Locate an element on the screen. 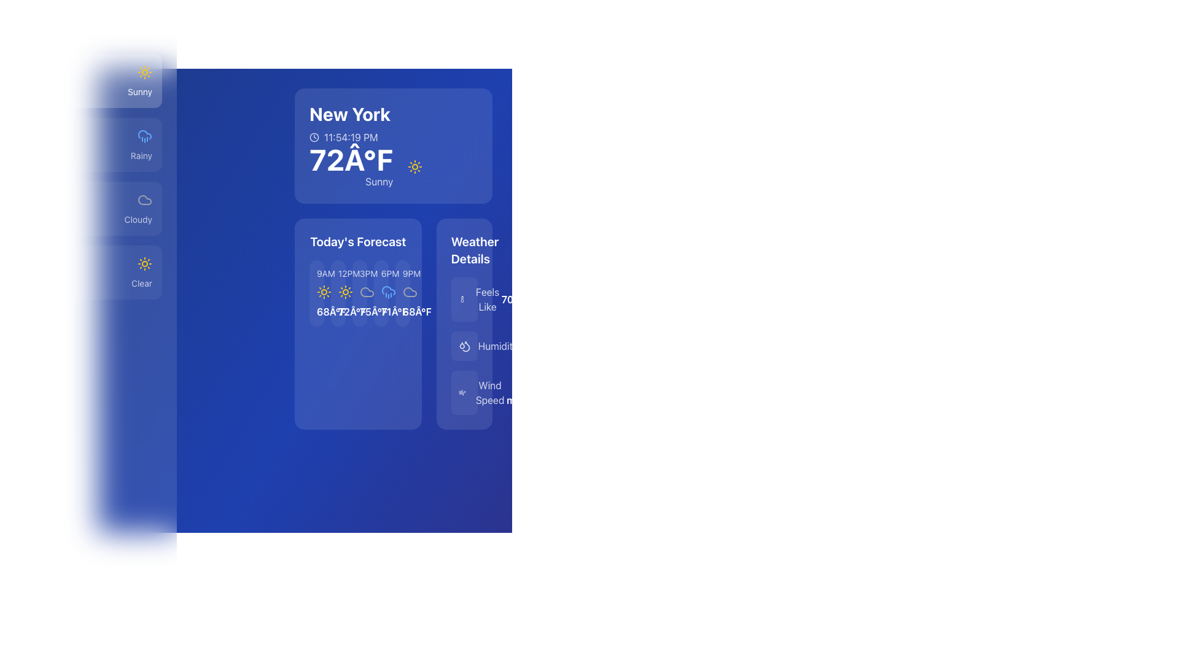  the wind speed information displayed in the Information Display Block located in the Weather Details section, positioned third after 'Feels Like' and 'Humidity' is located at coordinates (464, 393).